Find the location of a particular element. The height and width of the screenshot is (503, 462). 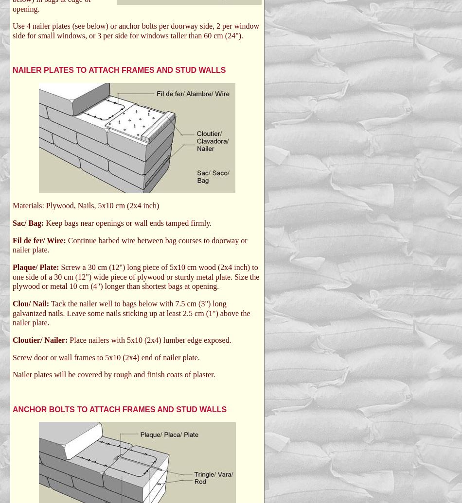

'Materials: Plywood, Nails, 5x10 cm (2x4 inch)' is located at coordinates (86, 205).